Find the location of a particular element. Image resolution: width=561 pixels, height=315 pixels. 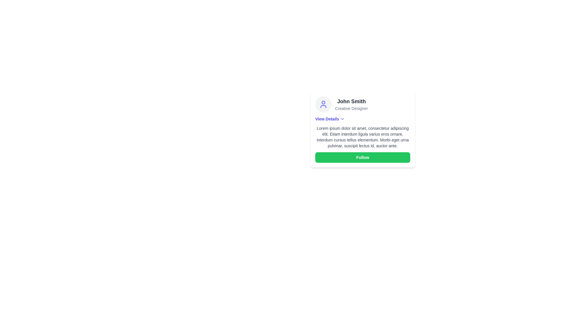

the descriptive text block located in the middle section of the card, which is positioned beneath the 'View Details' text and above the 'Follow' button is located at coordinates (362, 137).